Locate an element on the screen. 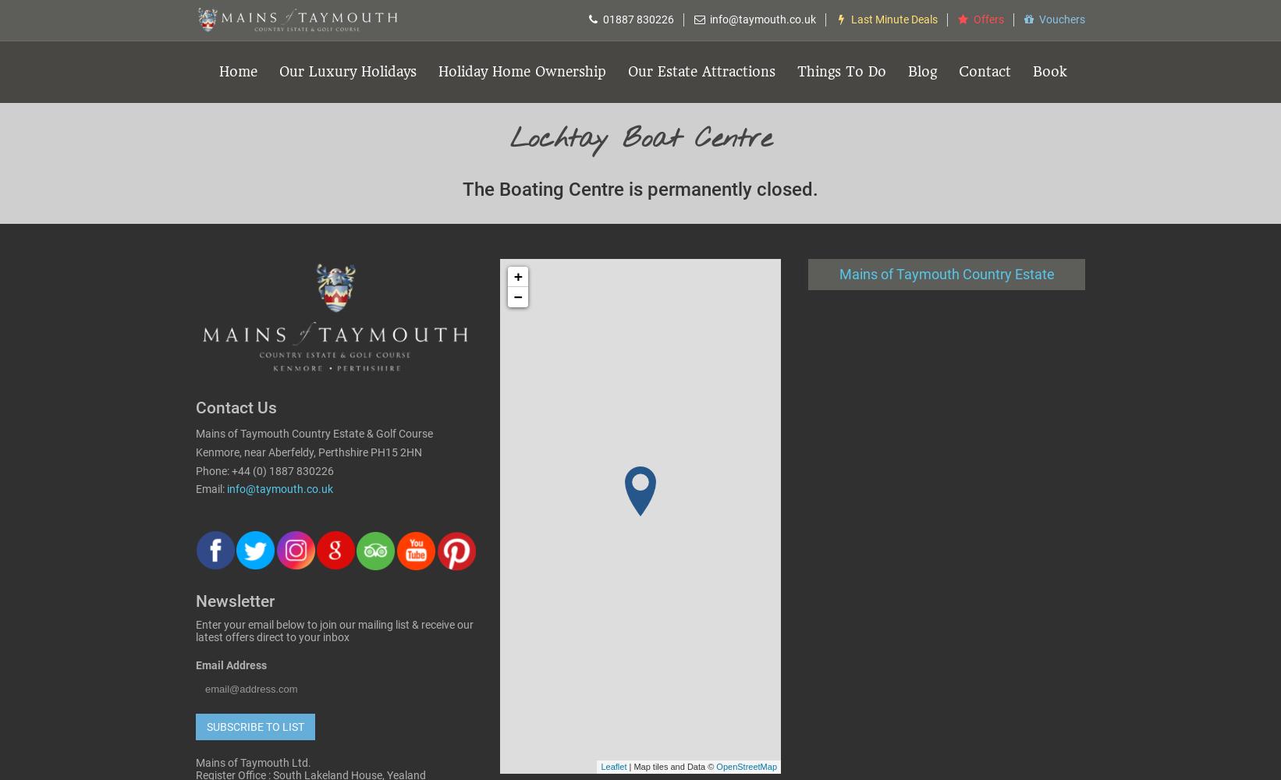  'Mains of Taymouth Country Estate' is located at coordinates (838, 273).